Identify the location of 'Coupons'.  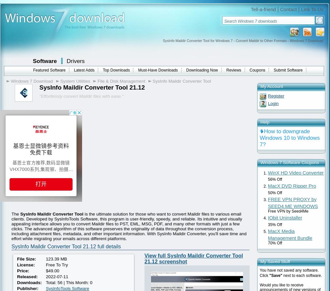
(257, 70).